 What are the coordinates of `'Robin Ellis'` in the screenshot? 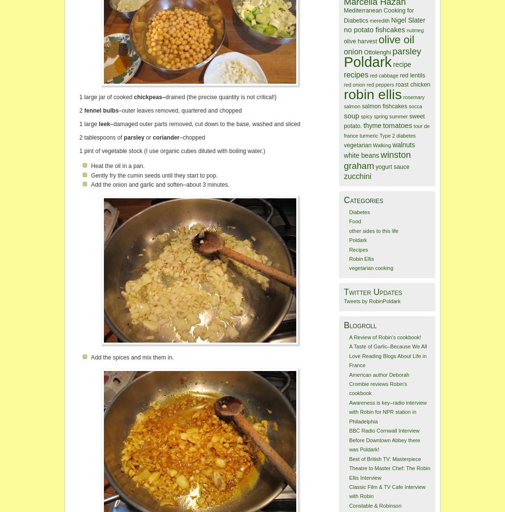 It's located at (361, 258).